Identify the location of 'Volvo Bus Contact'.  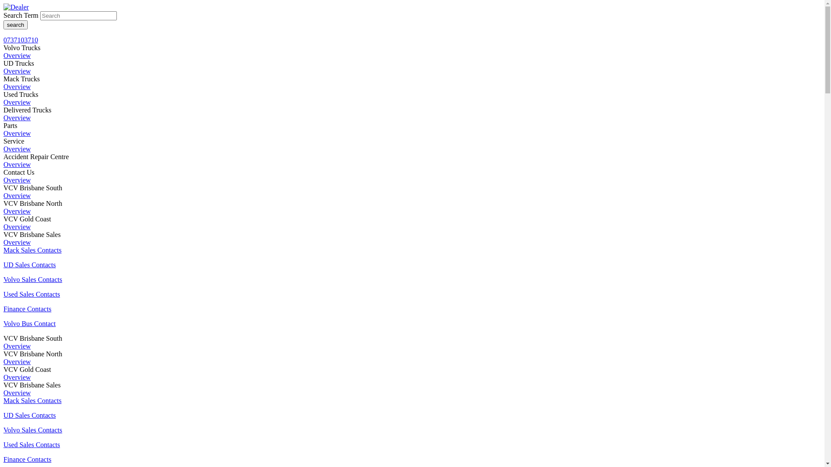
(29, 323).